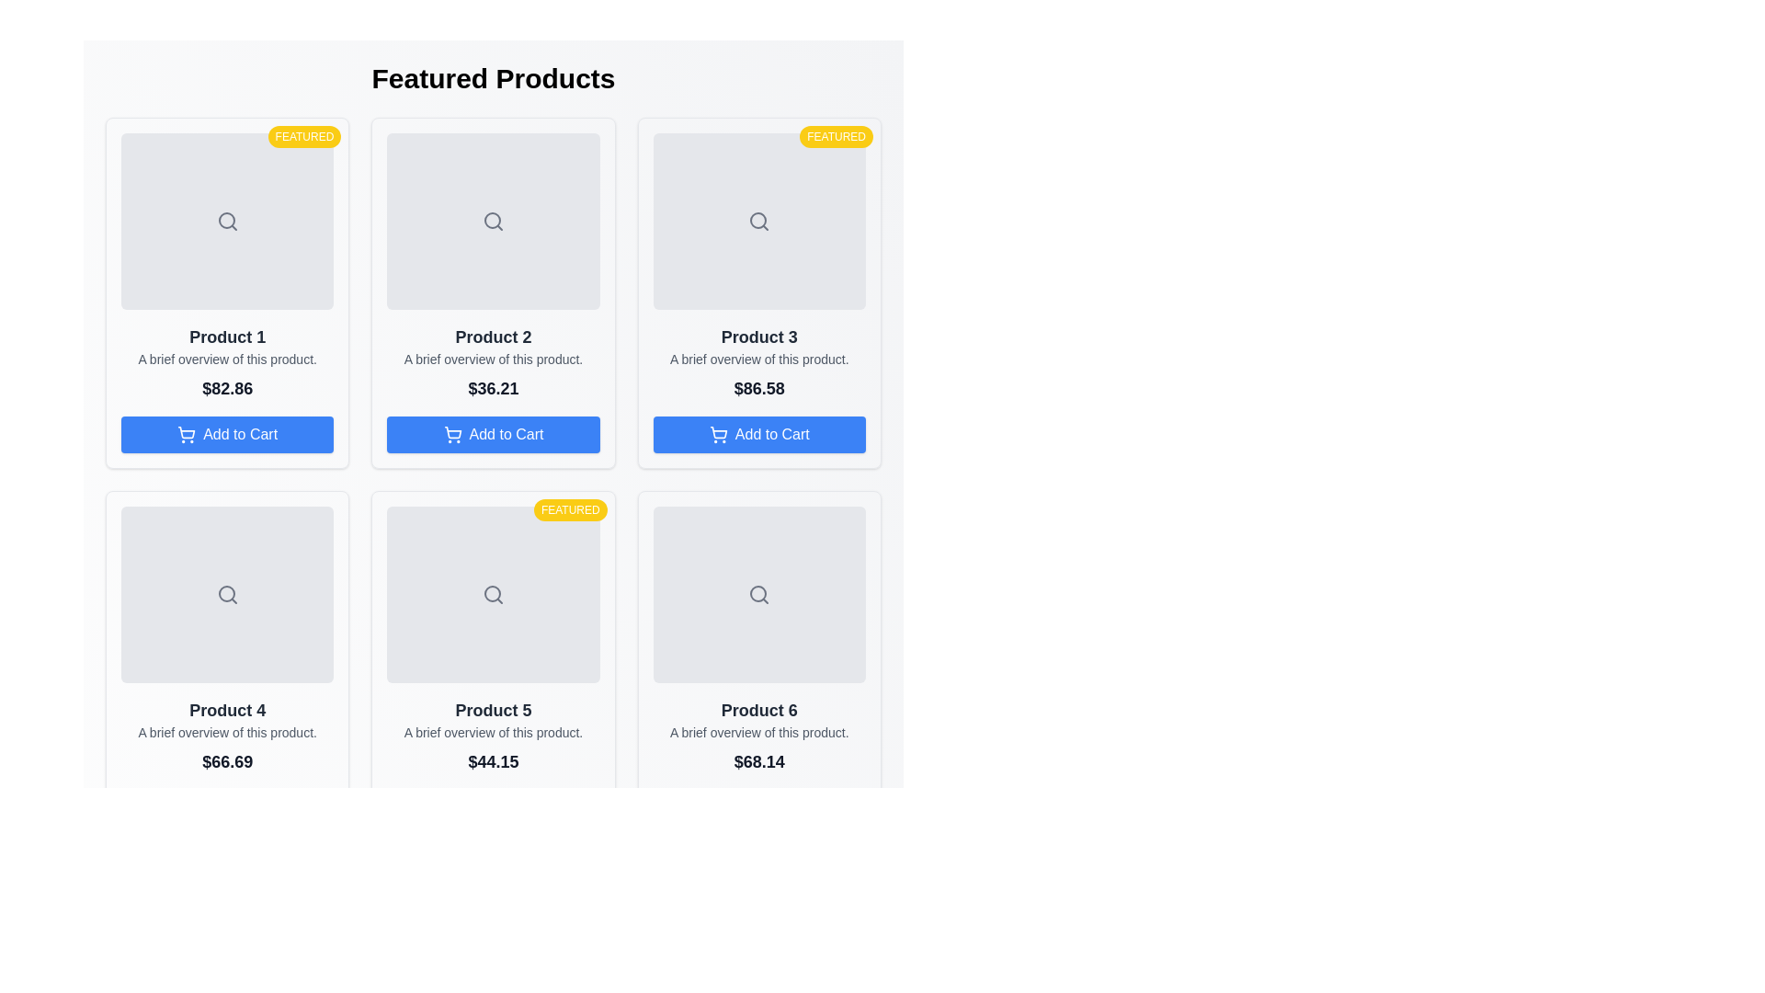  What do you see at coordinates (718, 432) in the screenshot?
I see `the shopping cart icon within the 'Add to Cart' button for 'Product 3' located in the top-right section of the grid under 'Featured Products'` at bounding box center [718, 432].